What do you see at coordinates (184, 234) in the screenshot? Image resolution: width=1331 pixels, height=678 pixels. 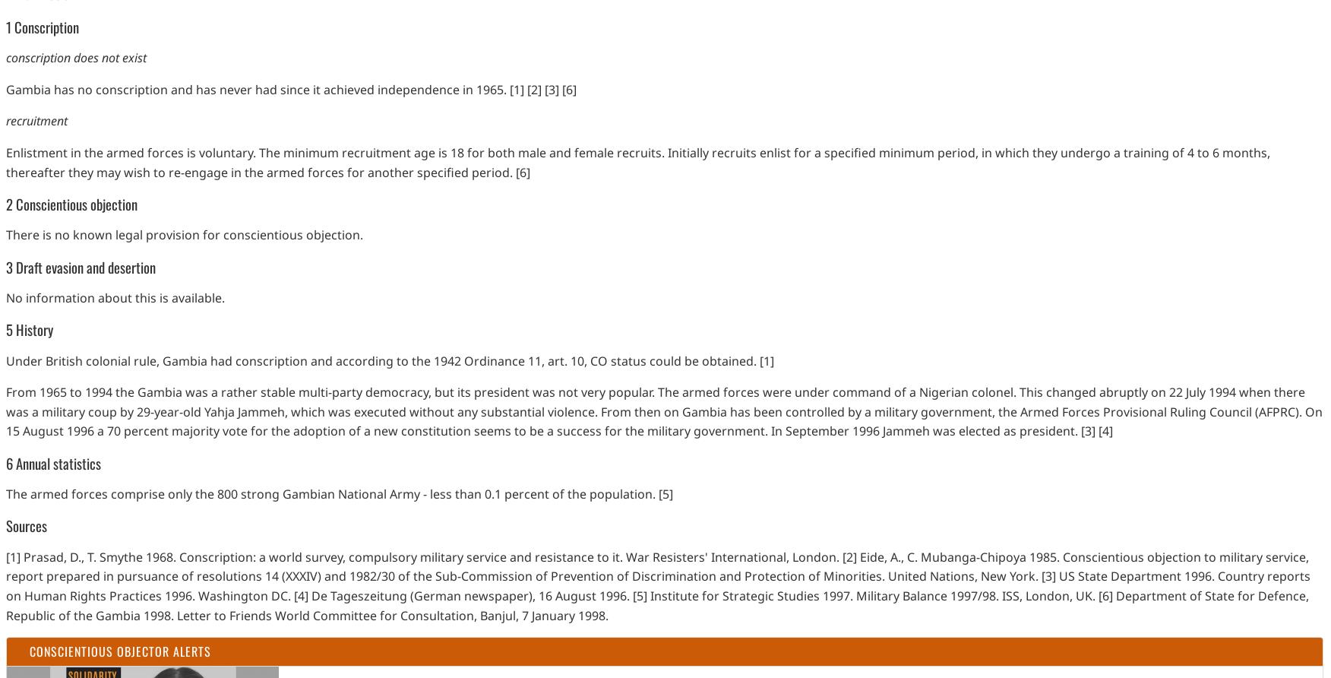 I see `'There is no known legal provision for conscientious objection.'` at bounding box center [184, 234].